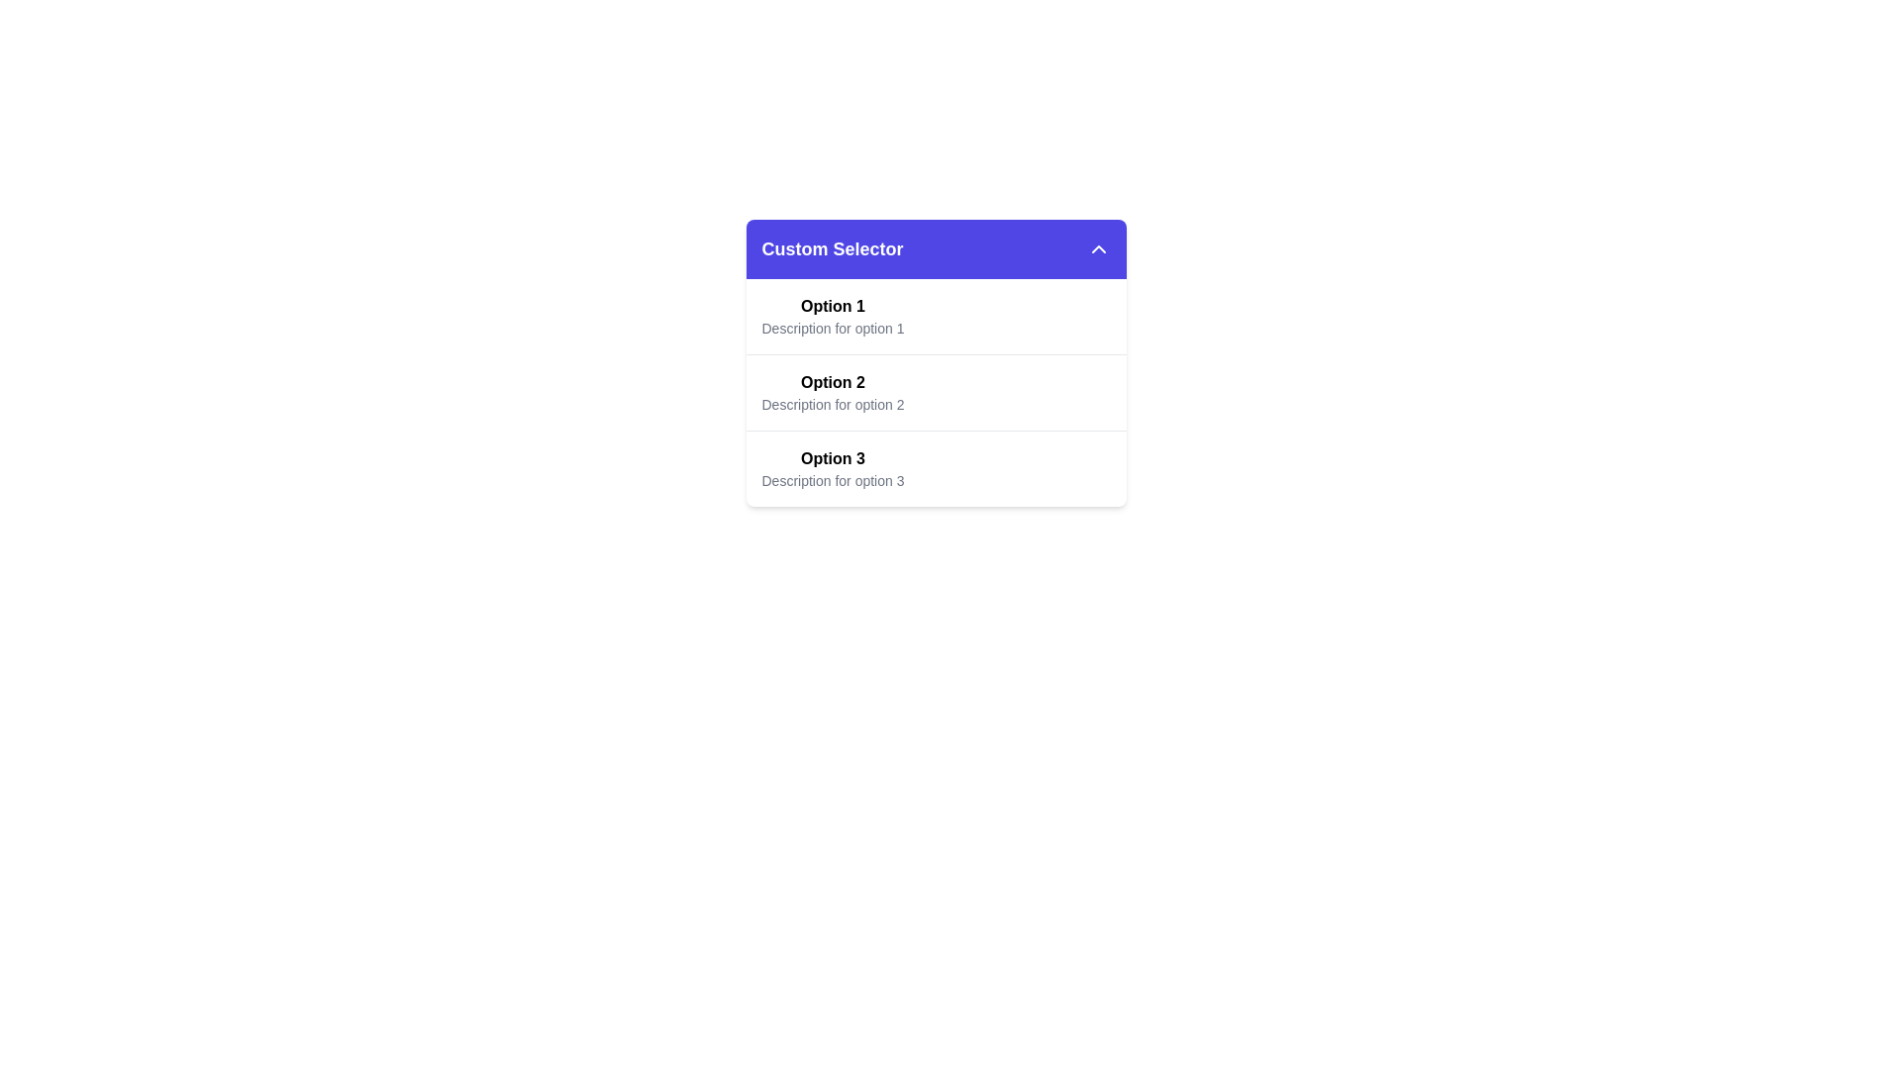  Describe the element at coordinates (833, 382) in the screenshot. I see `the bold text label displaying 'Option 2'` at that location.